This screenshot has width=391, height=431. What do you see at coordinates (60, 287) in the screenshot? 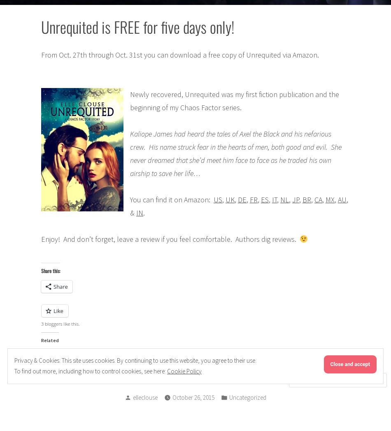
I see `'Share'` at bounding box center [60, 287].